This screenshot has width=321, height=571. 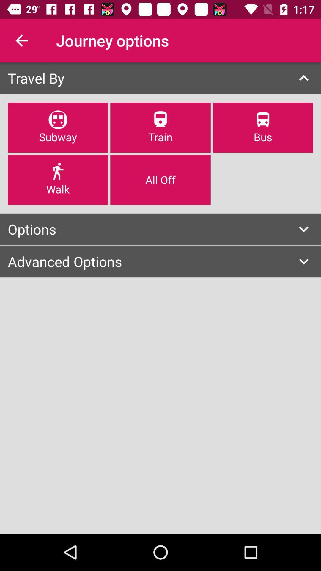 I want to click on the item next to journey options, so click(x=21, y=40).